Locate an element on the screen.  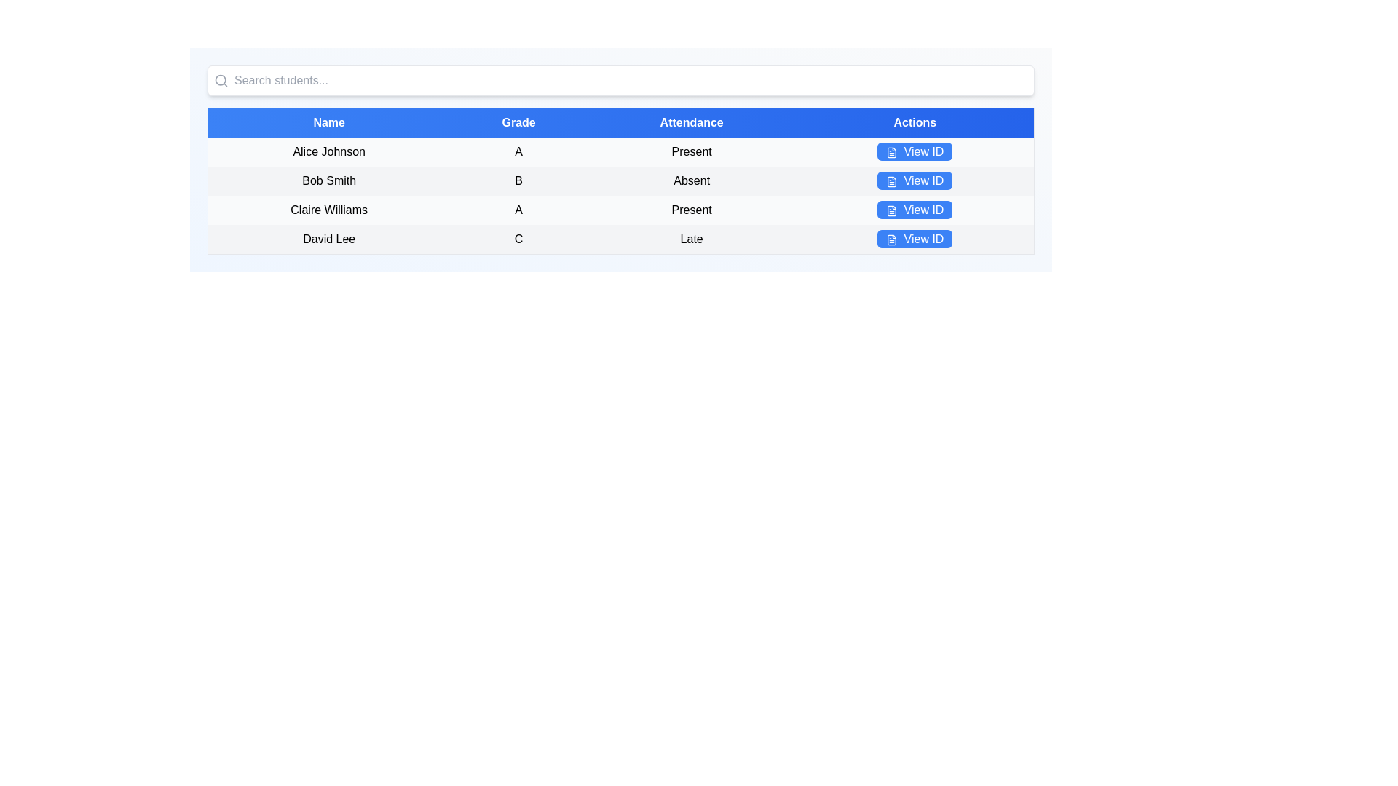
the circular element within the magnifying glass icon, which is part of the search functionality located on the left side of the search input box in the header is located at coordinates (220, 80).